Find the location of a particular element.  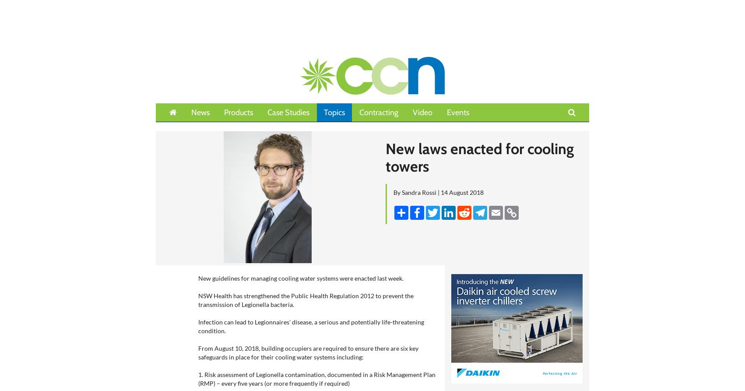

'News' is located at coordinates (200, 112).